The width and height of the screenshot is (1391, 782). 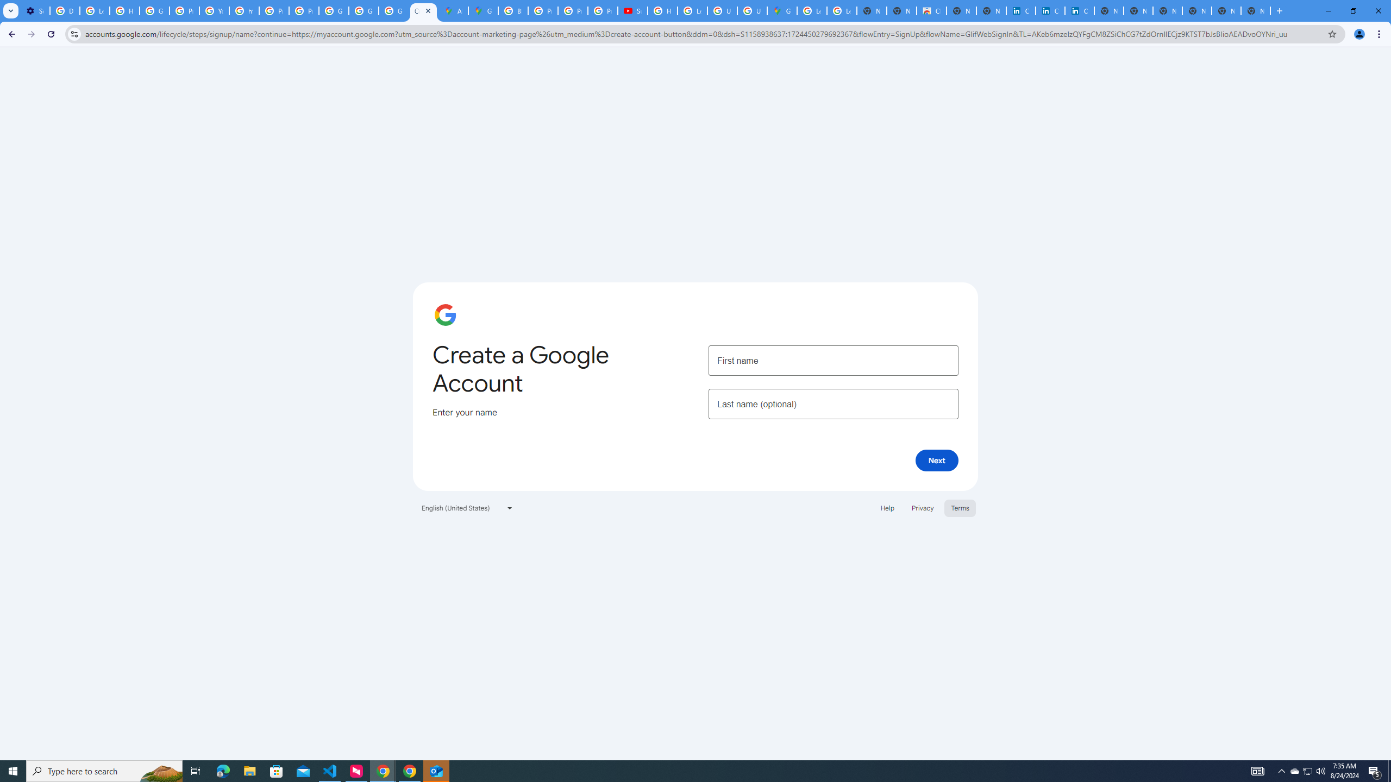 What do you see at coordinates (572, 10) in the screenshot?
I see `'Privacy Help Center - Policies Help'` at bounding box center [572, 10].